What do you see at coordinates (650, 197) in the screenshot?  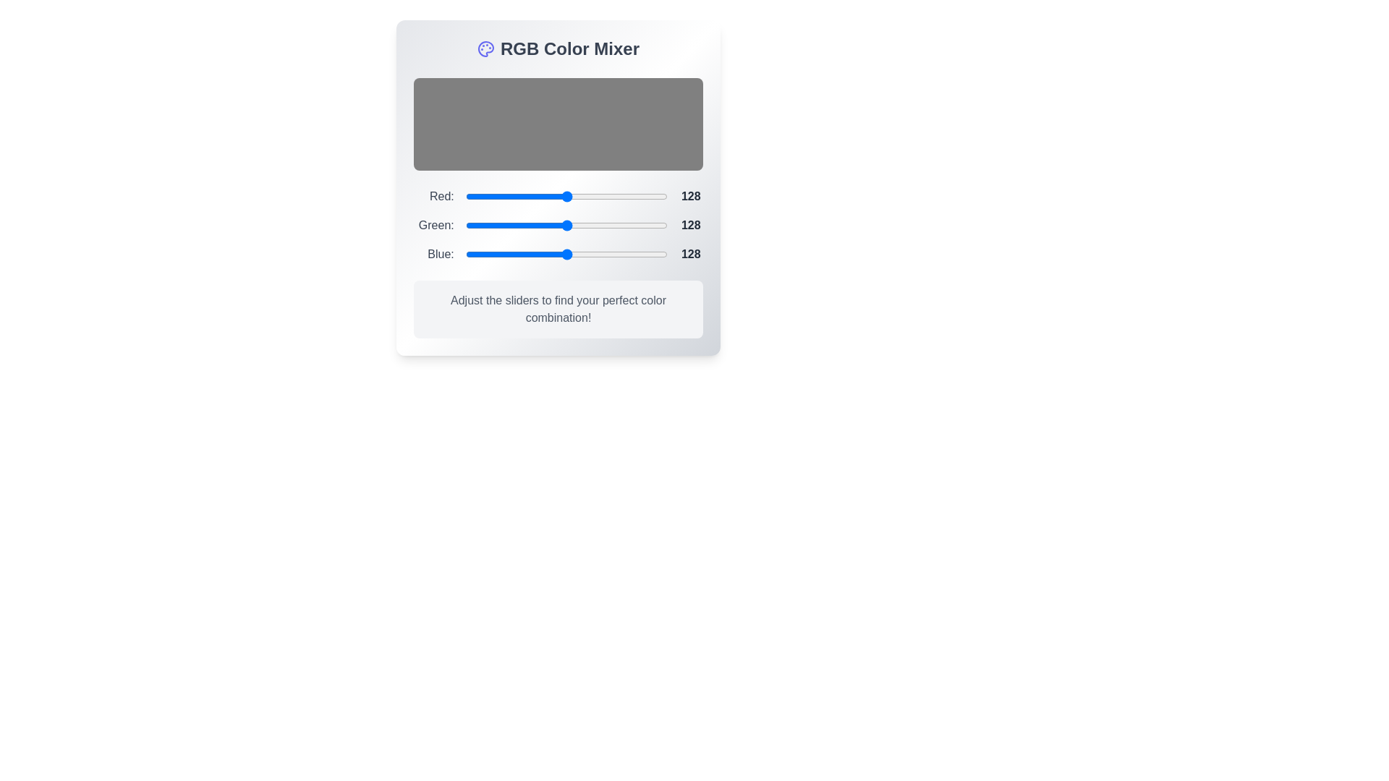 I see `the 0 slider to a value of 215` at bounding box center [650, 197].